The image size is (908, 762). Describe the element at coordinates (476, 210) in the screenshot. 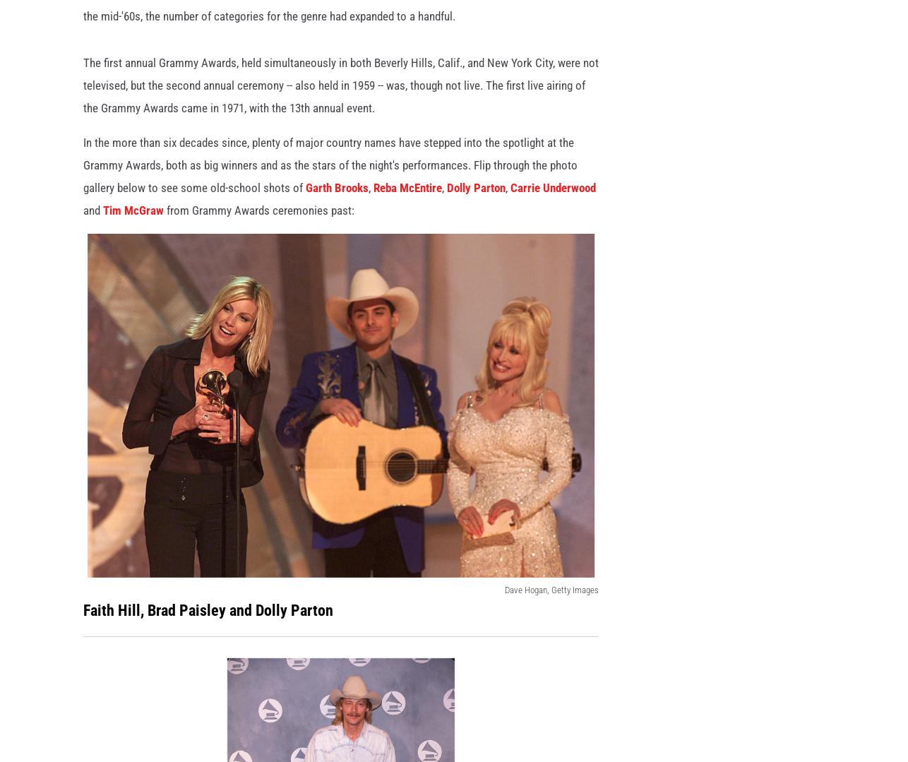

I see `'Dolly Parton'` at that location.